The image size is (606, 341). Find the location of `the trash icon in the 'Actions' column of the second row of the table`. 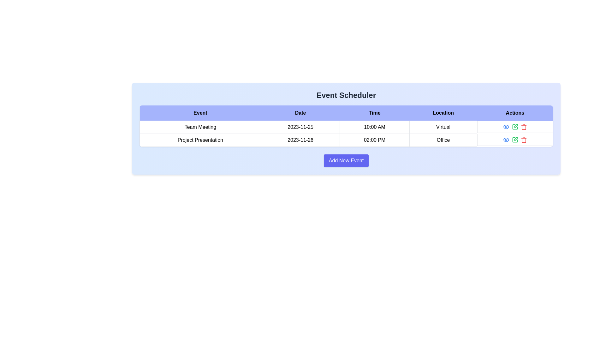

the trash icon in the 'Actions' column of the second row of the table is located at coordinates (524, 140).